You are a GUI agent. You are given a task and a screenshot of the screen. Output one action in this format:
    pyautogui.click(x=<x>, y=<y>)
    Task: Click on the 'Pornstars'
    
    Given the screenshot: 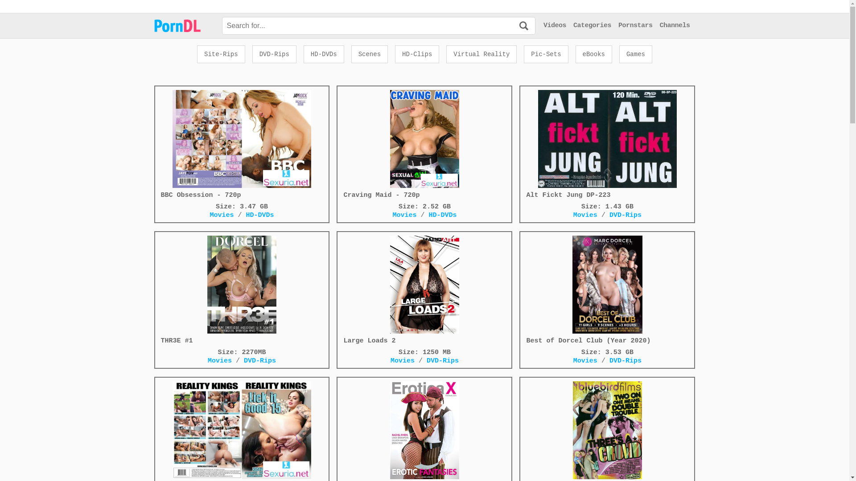 What is the action you would take?
    pyautogui.click(x=635, y=25)
    